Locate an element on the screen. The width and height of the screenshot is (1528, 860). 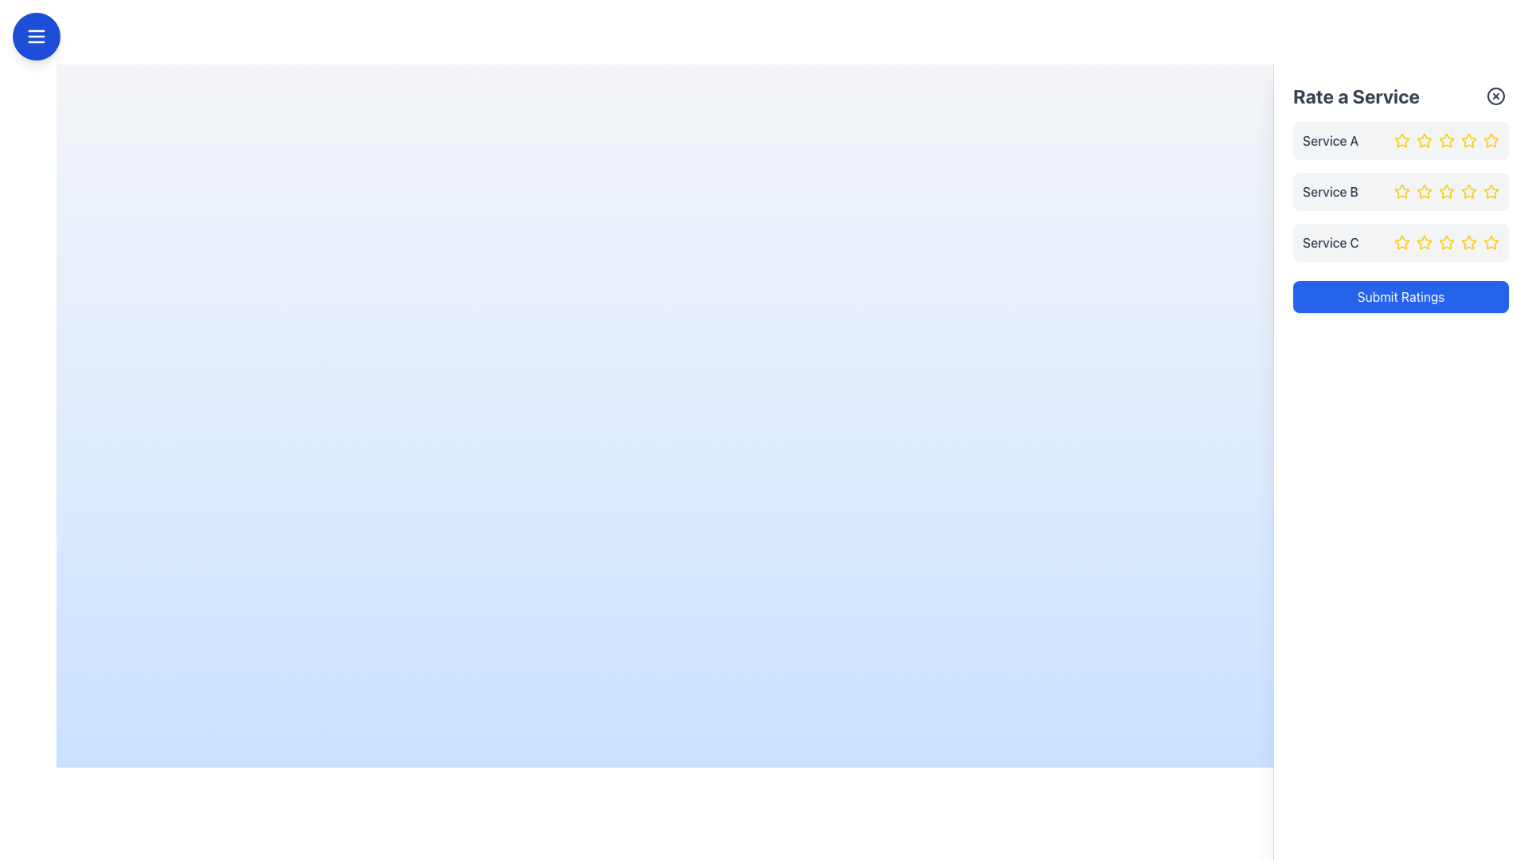
the third star icon in the rating system for 'Service B' to select a 3-star rating is located at coordinates (1401, 190).